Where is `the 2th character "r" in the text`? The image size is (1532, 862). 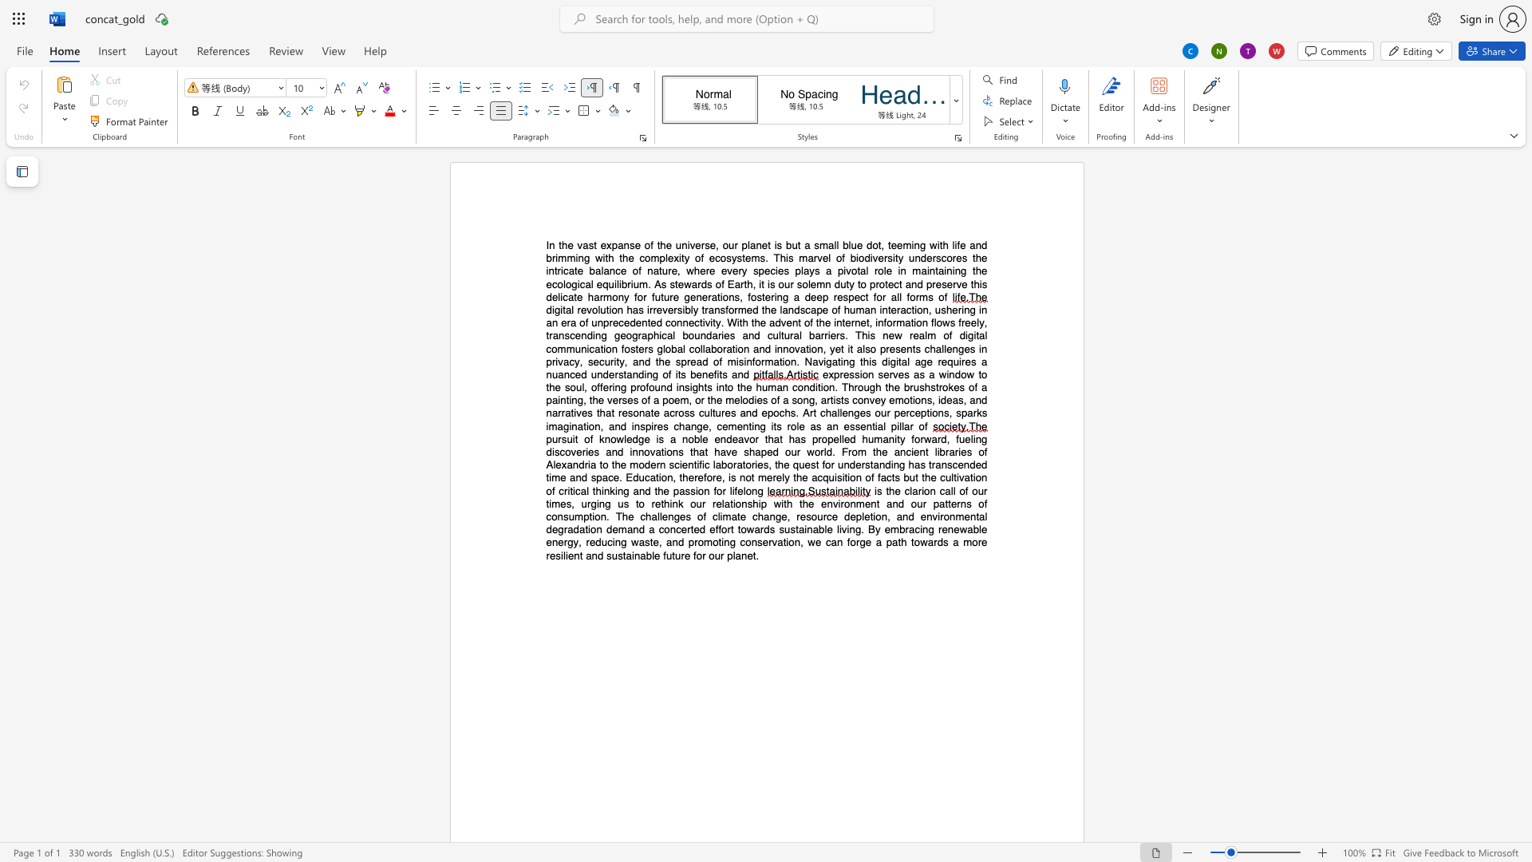 the 2th character "r" in the text is located at coordinates (655, 425).